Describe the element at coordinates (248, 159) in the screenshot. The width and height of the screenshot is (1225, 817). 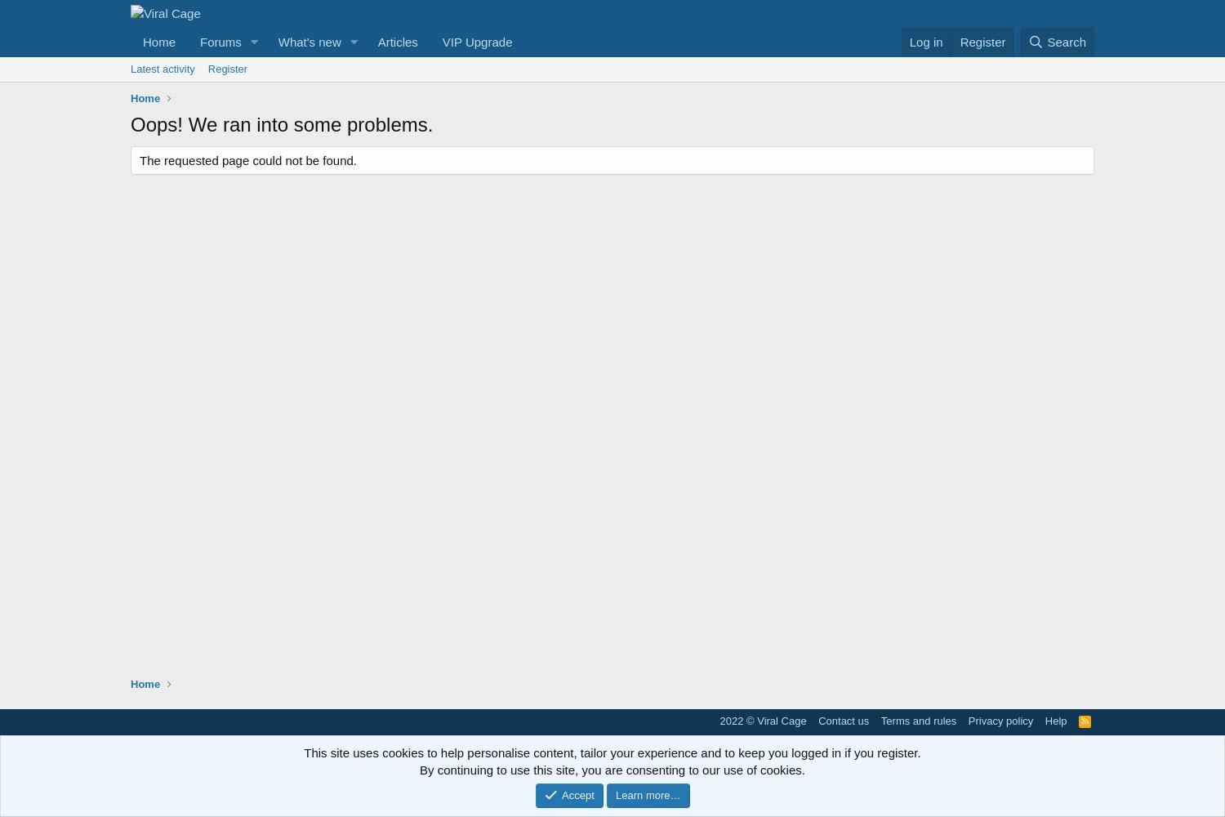
I see `'The requested page could not be found.'` at that location.